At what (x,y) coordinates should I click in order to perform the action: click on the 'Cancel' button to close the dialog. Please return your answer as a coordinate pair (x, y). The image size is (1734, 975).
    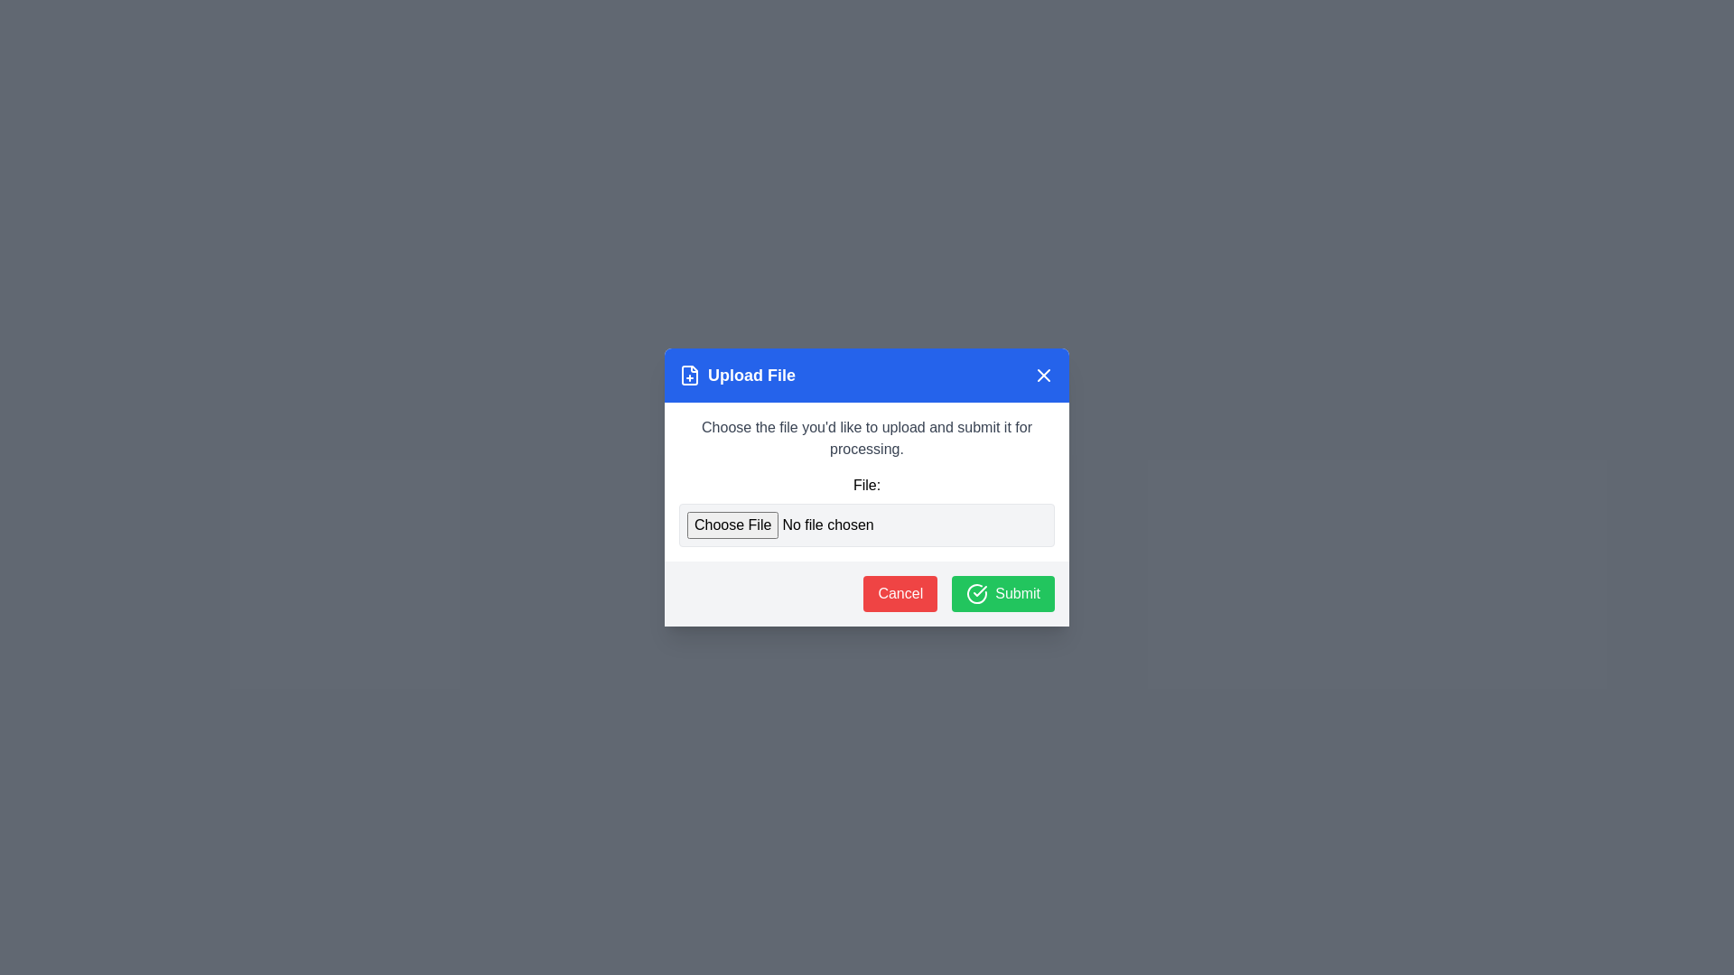
    Looking at the image, I should click on (900, 594).